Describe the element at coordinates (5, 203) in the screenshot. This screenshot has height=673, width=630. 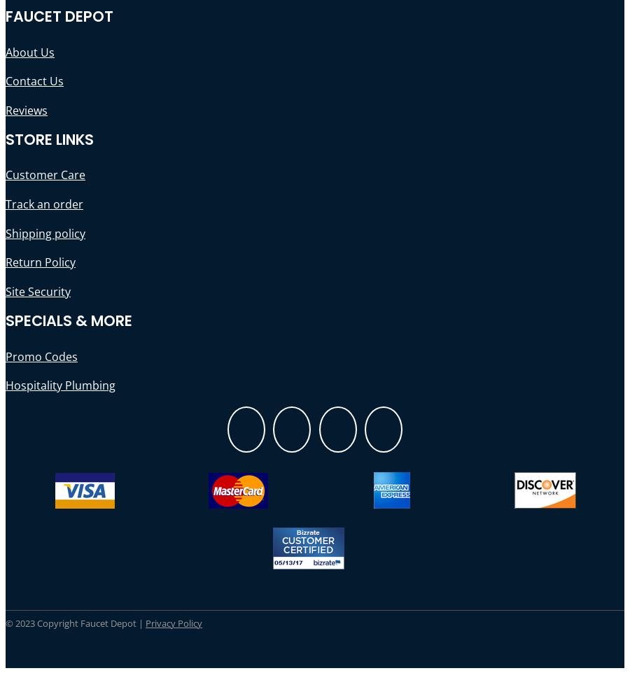
I see `'Track an order'` at that location.